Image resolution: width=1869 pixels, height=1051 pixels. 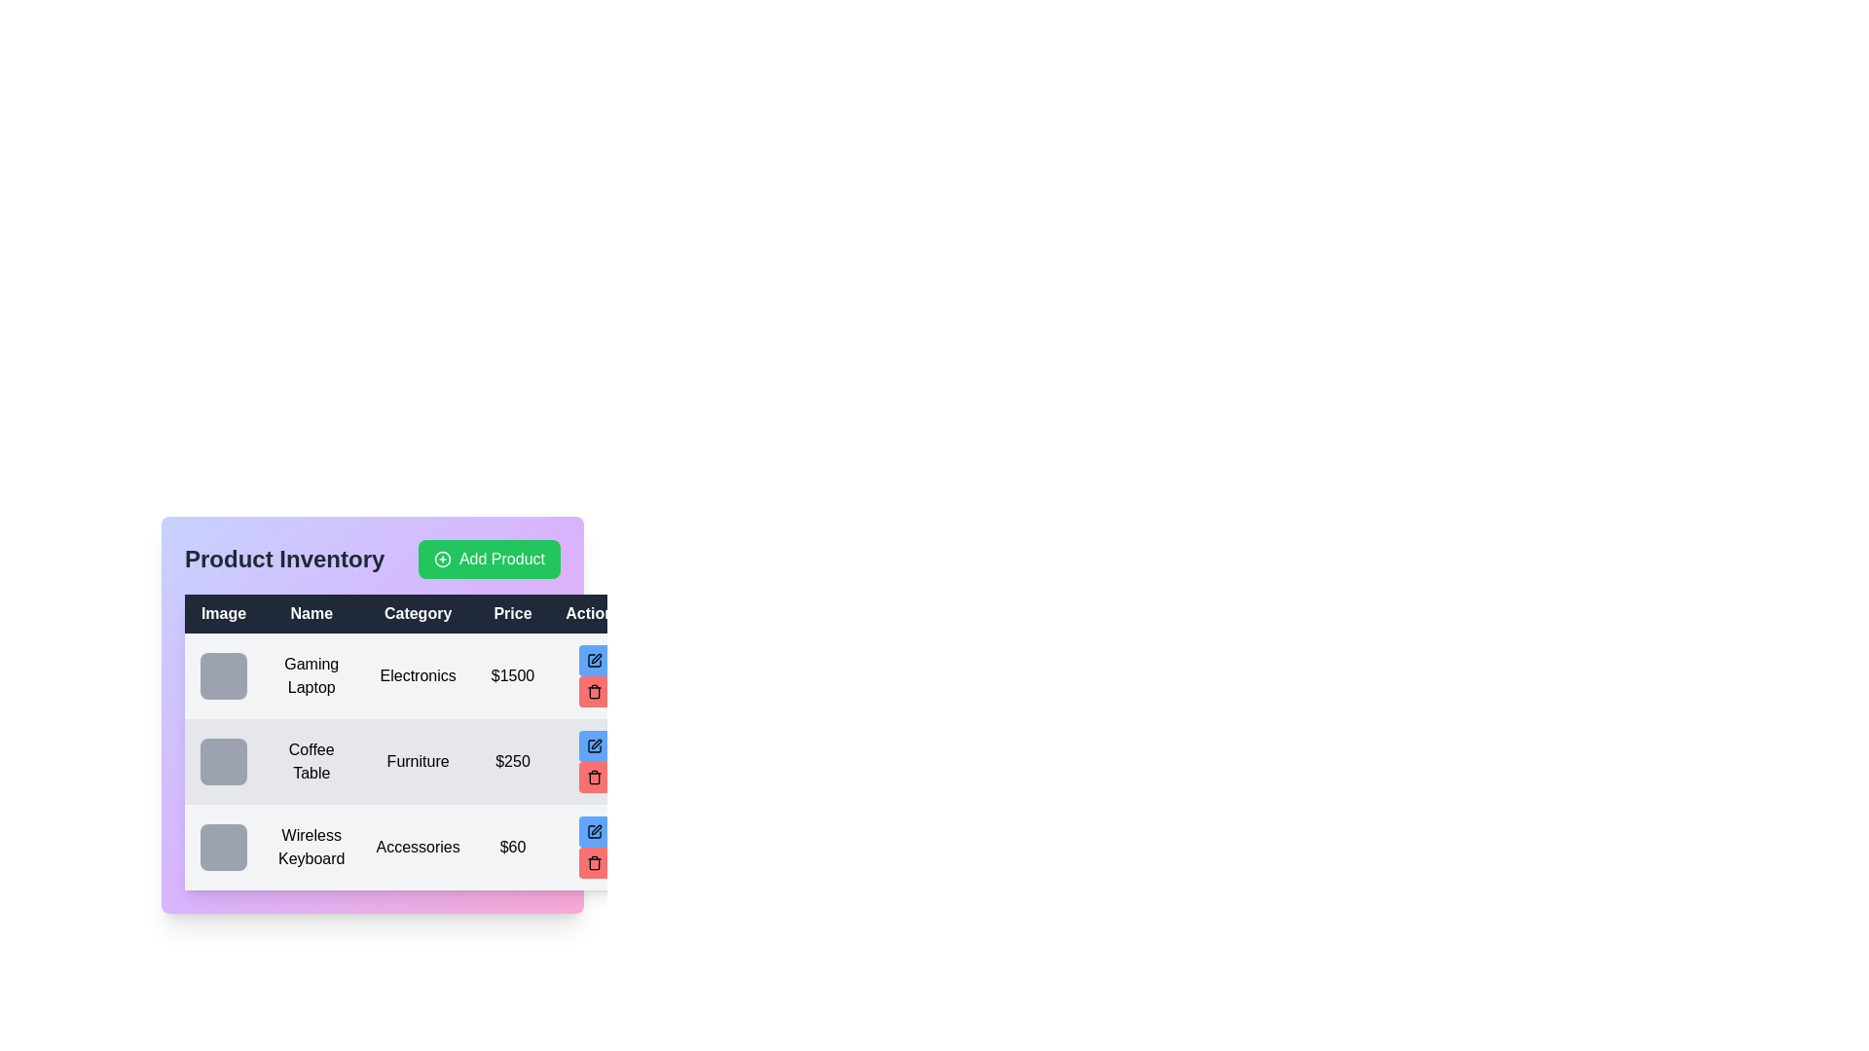 What do you see at coordinates (441, 559) in the screenshot?
I see `the icon located at the top-right section of the 'Add Product' button, positioned to the left of the 'Add Product' text label` at bounding box center [441, 559].